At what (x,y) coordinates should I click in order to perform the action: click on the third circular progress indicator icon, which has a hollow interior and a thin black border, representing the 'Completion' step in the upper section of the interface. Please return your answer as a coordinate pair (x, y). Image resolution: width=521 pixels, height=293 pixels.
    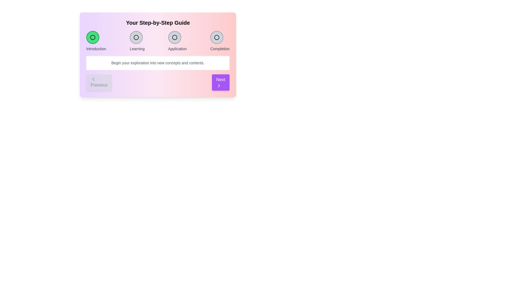
    Looking at the image, I should click on (217, 37).